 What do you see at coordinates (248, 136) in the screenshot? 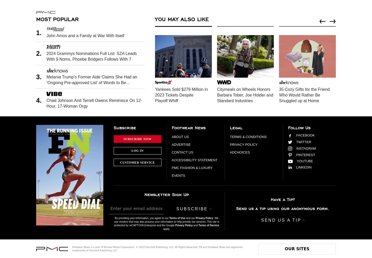
I see `'Terms & Conditions'` at bounding box center [248, 136].